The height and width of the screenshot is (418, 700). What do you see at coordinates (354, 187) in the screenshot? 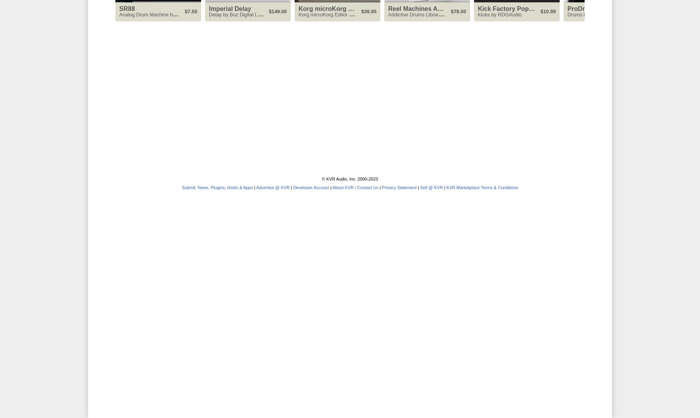
I see `'About KVR / Contact Us'` at bounding box center [354, 187].